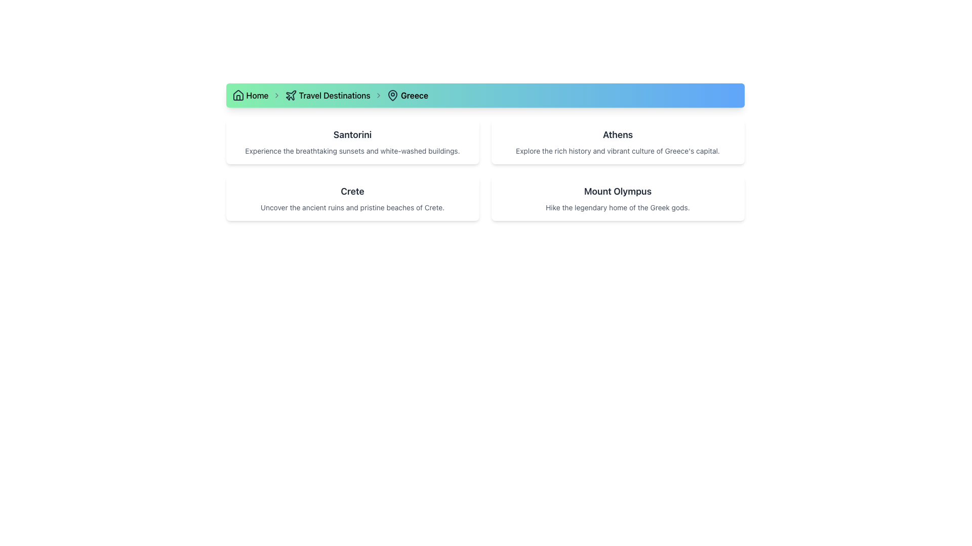 The width and height of the screenshot is (972, 546). What do you see at coordinates (484, 96) in the screenshot?
I see `the Breadcrumb Navigation Bar located at the top center of the interface` at bounding box center [484, 96].